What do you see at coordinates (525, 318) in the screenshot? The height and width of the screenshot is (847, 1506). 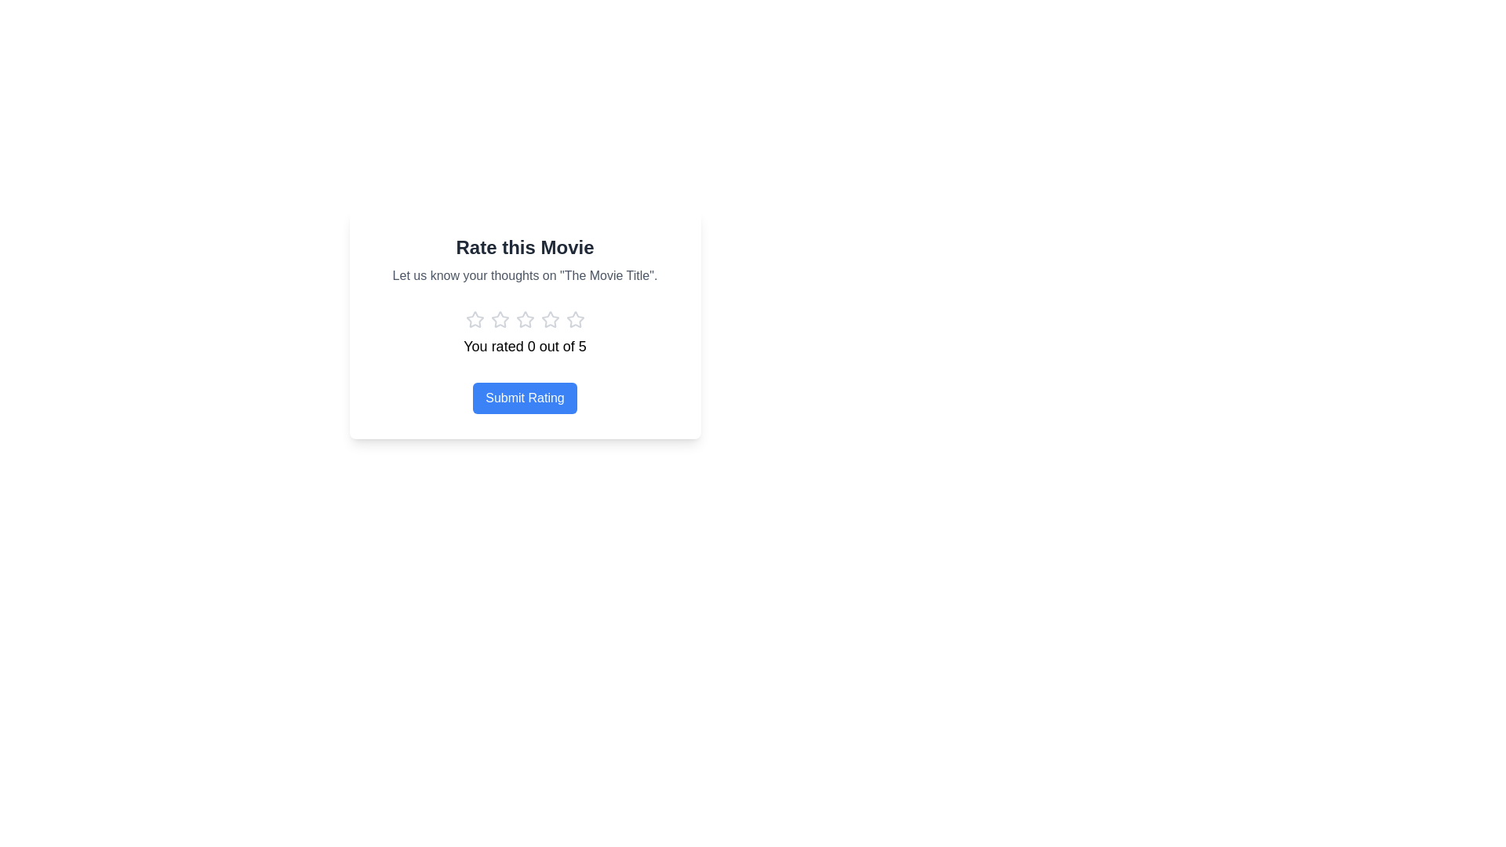 I see `the second star icon in the user rating interface` at bounding box center [525, 318].